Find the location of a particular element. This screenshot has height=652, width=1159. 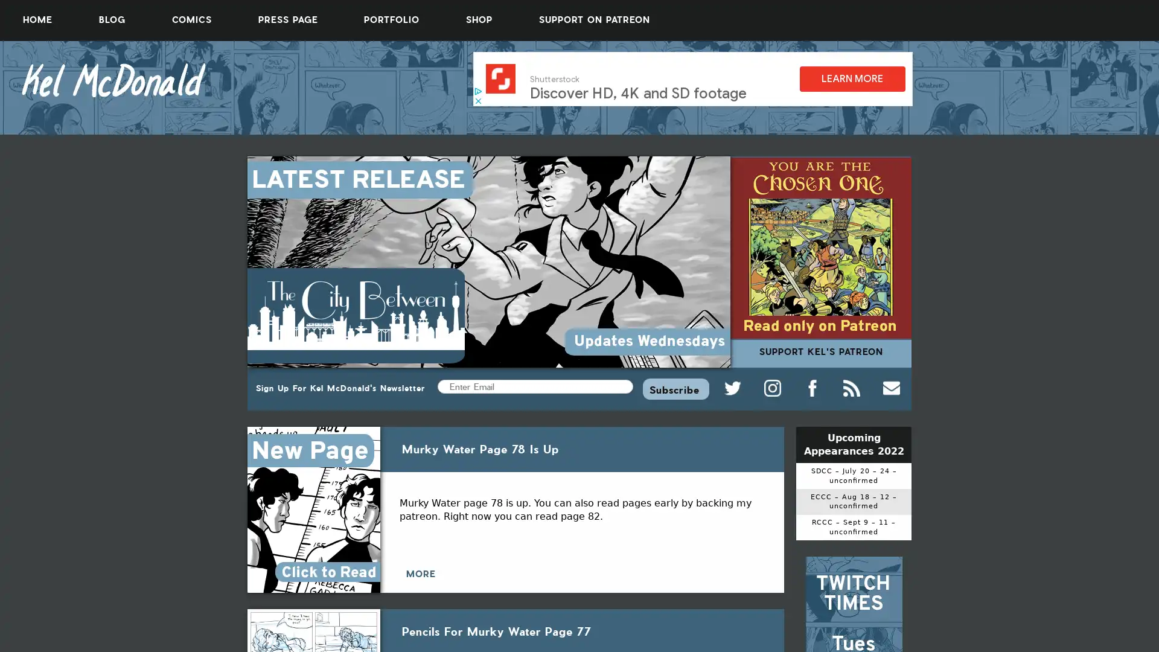

Subscribe is located at coordinates (675, 388).